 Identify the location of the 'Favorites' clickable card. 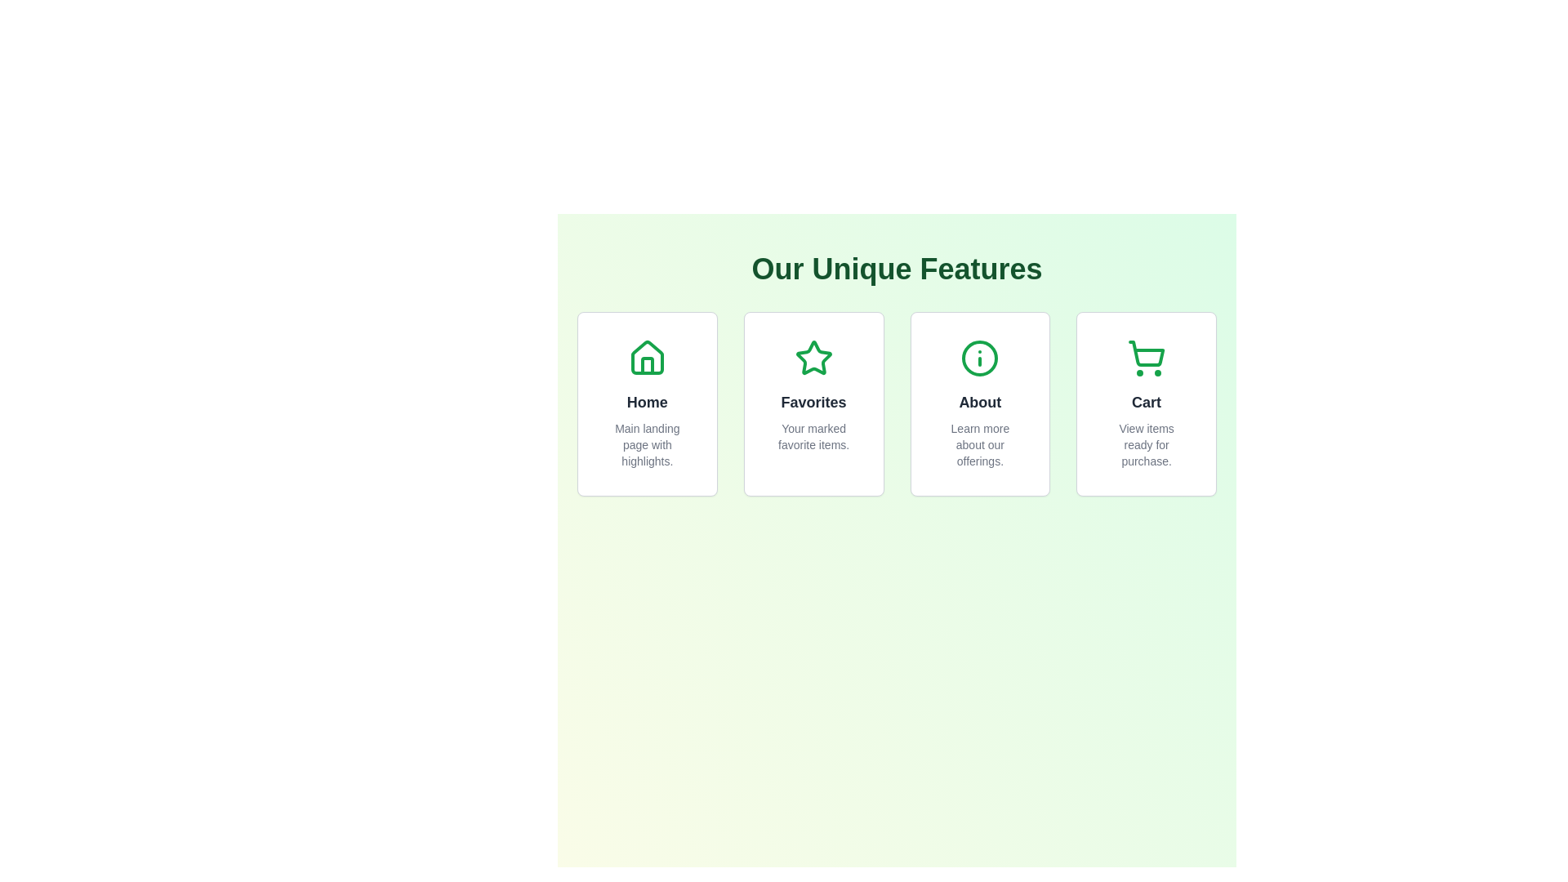
(813, 403).